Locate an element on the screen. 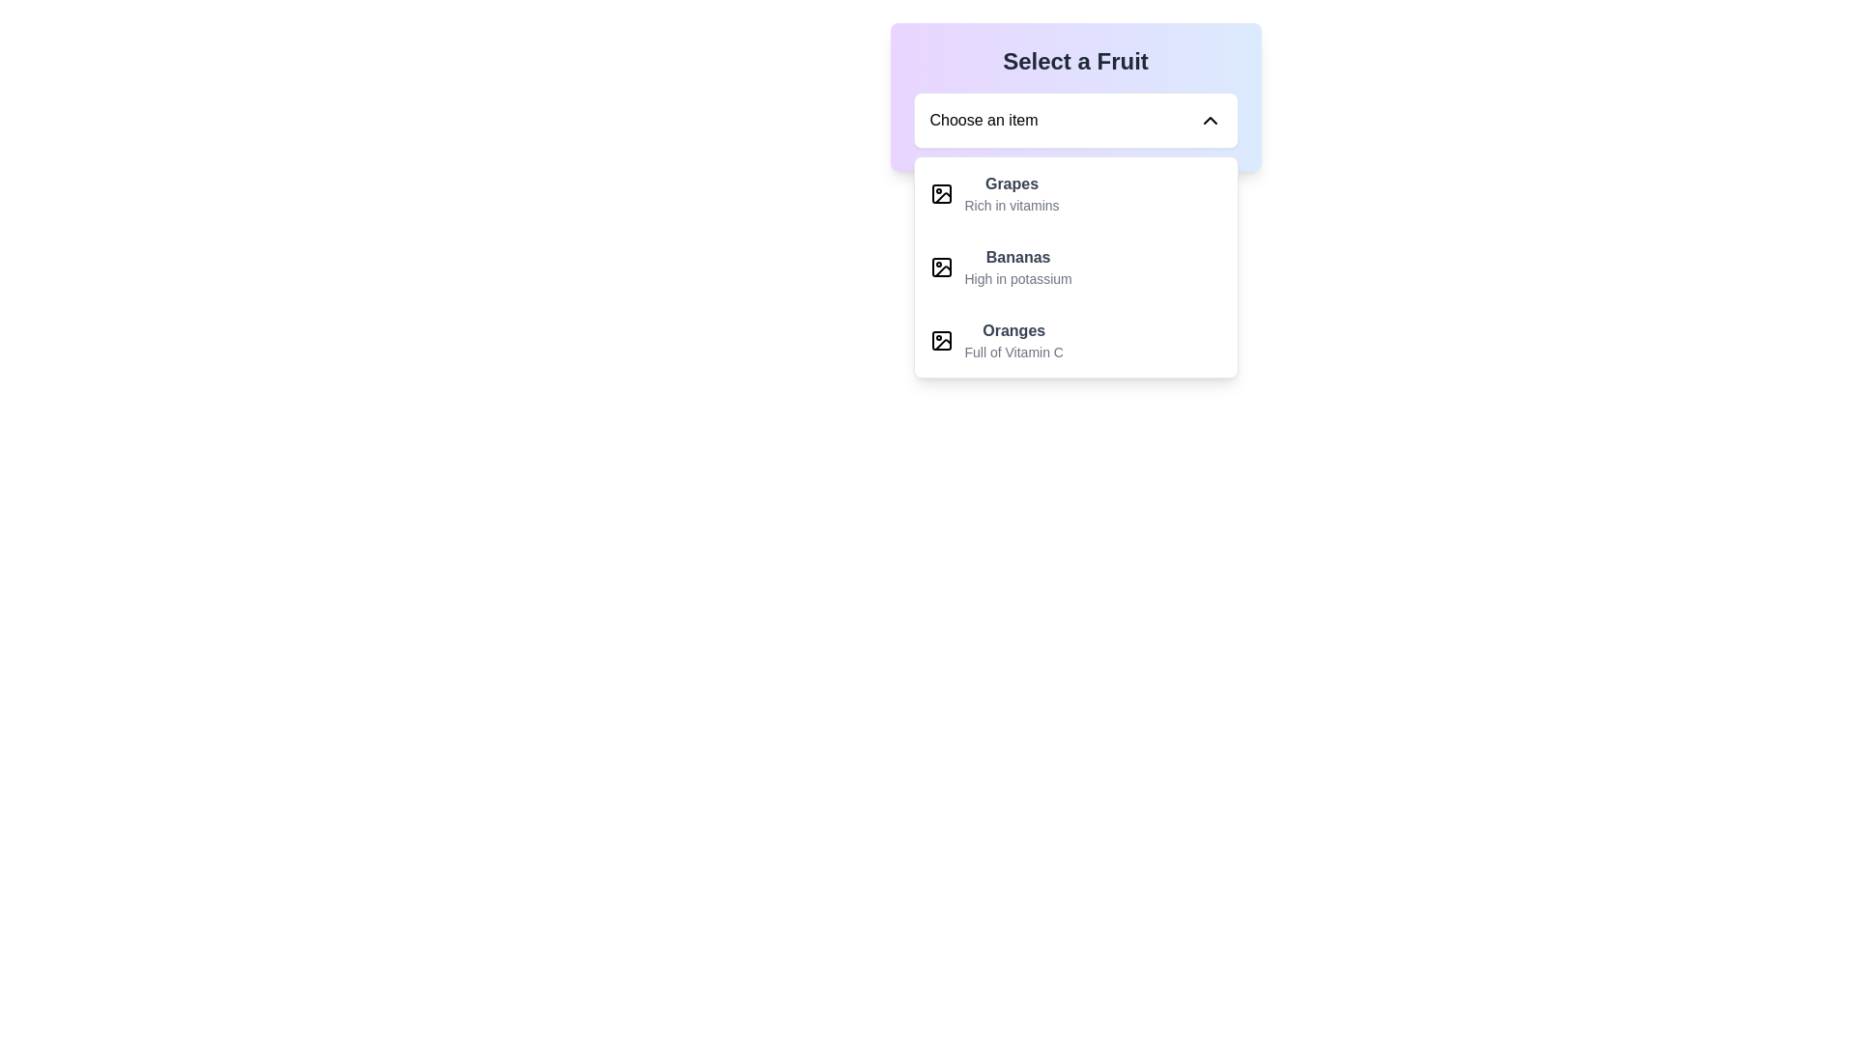 The image size is (1855, 1043). the 'Oranges' option in the dropdown menu located under 'Select a Fruit', which is the third item in the list is located at coordinates (1074, 340).